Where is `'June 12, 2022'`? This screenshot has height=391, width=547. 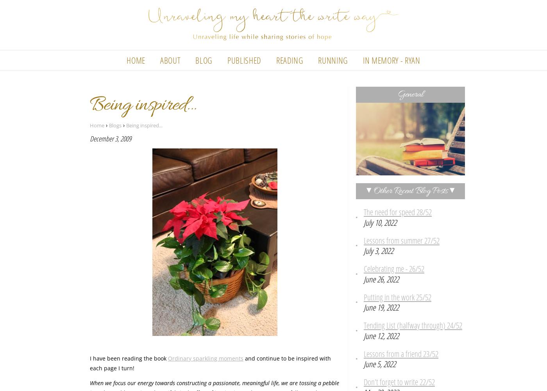 'June 12, 2022' is located at coordinates (381, 335).